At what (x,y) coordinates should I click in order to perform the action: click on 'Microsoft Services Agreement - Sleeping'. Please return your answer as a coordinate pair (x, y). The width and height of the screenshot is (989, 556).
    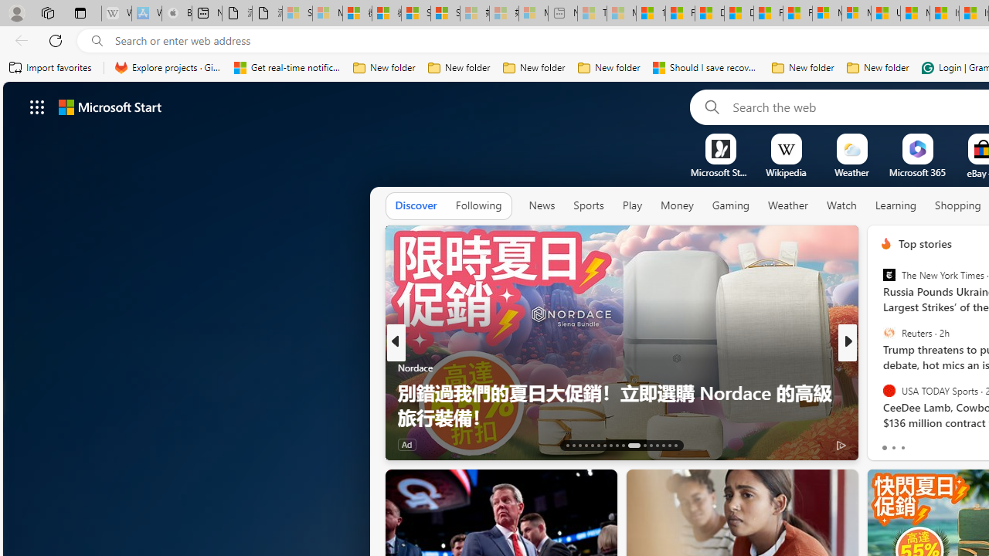
    Looking at the image, I should click on (326, 13).